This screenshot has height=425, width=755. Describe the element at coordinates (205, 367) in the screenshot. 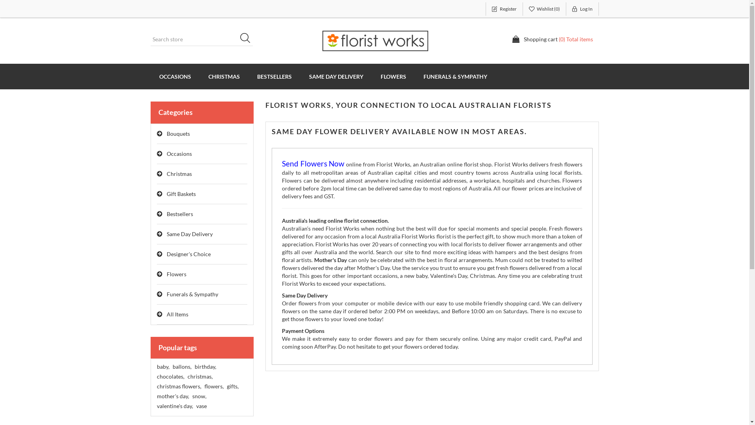

I see `'birthday,'` at that location.